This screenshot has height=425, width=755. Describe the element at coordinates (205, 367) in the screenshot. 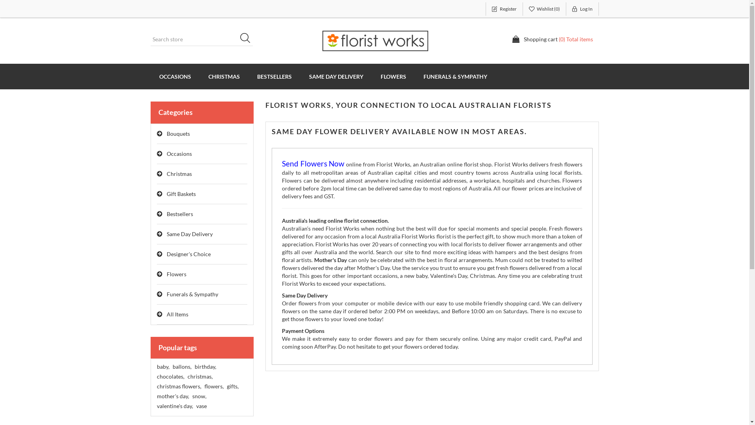

I see `'birthday,'` at that location.